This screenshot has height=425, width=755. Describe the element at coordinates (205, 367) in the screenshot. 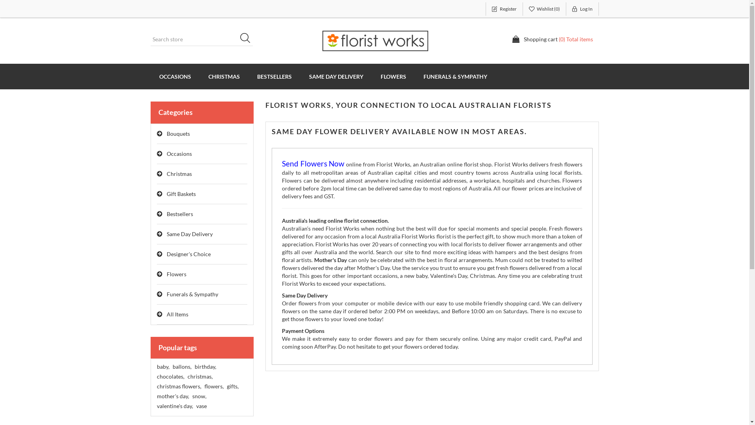

I see `'birthday,'` at that location.